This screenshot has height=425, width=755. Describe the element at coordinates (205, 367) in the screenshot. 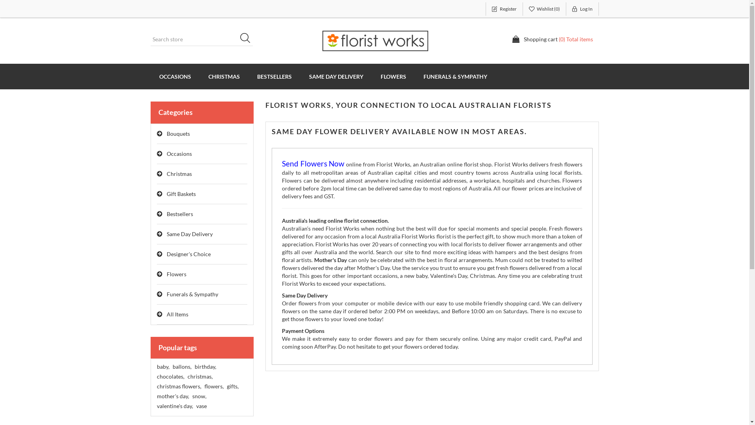

I see `'birthday,'` at that location.